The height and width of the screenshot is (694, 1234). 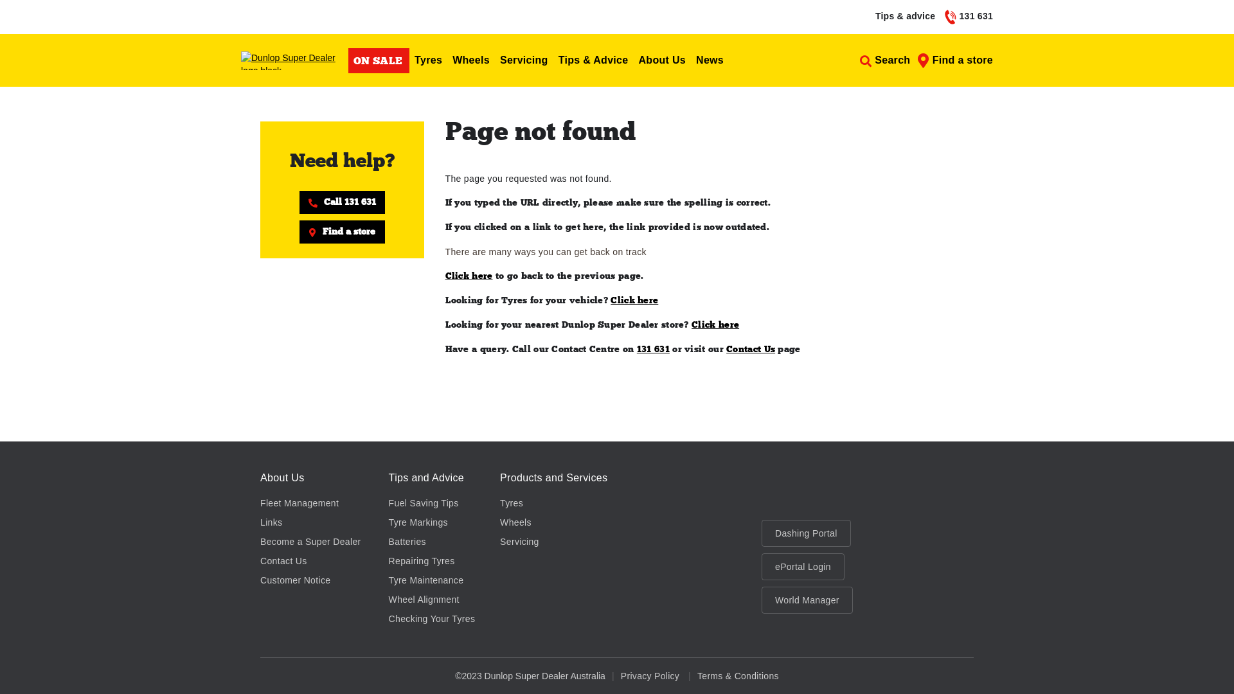 I want to click on 'Privacy Policy', so click(x=650, y=675).